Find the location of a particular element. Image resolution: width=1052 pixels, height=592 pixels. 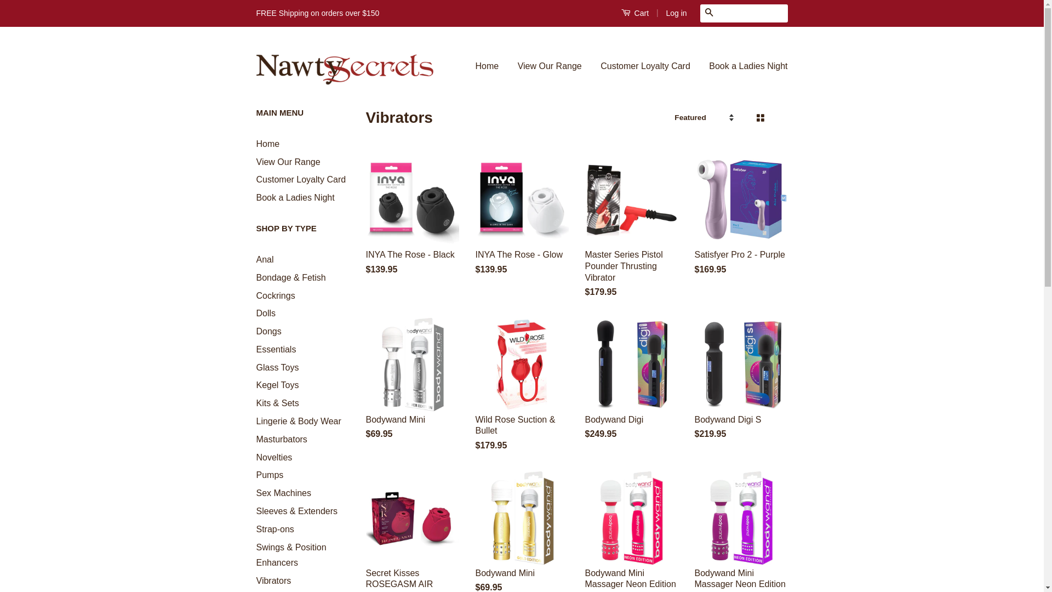

'View Our Range' is located at coordinates (255, 162).